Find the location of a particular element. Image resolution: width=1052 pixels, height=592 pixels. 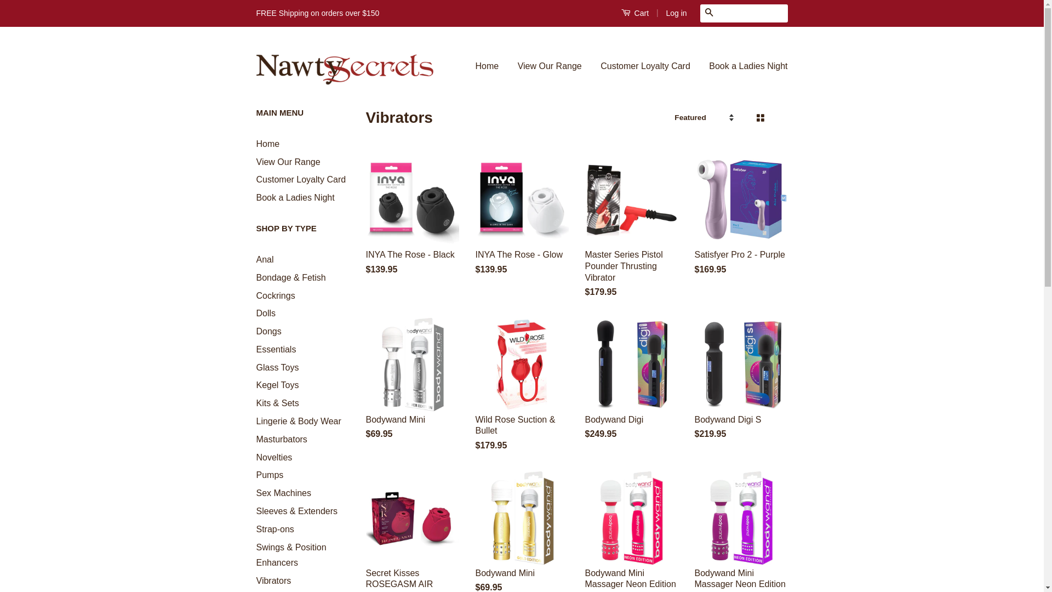

'View Our Range' is located at coordinates (255, 162).